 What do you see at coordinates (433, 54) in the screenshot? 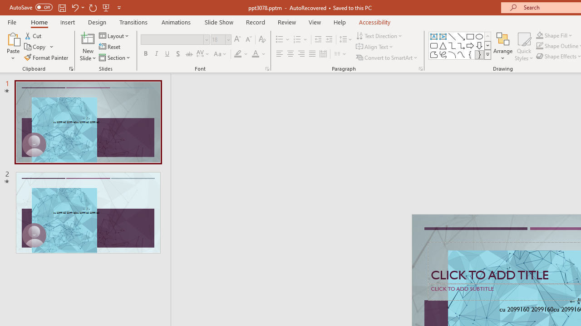
I see `'Freeform: Shape'` at bounding box center [433, 54].